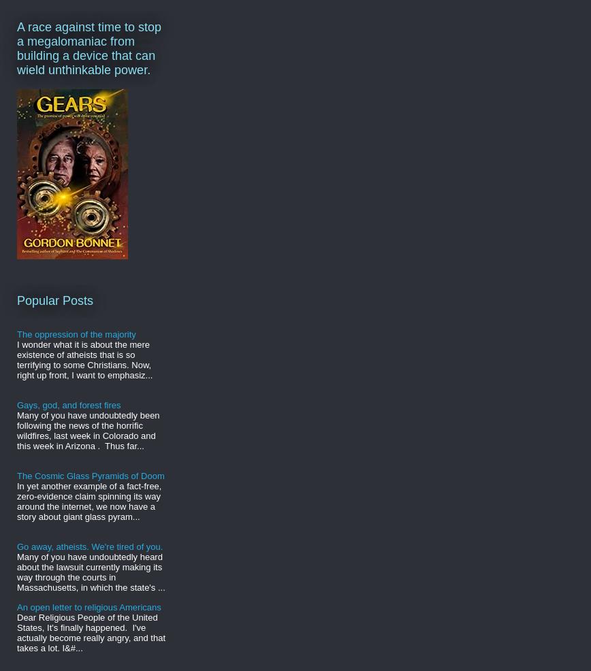 The width and height of the screenshot is (591, 671). I want to click on 'Dear Religious People of the United States,   It's finally happened.  I've actually become really angry, and that takes a lot.   I&#...', so click(91, 632).